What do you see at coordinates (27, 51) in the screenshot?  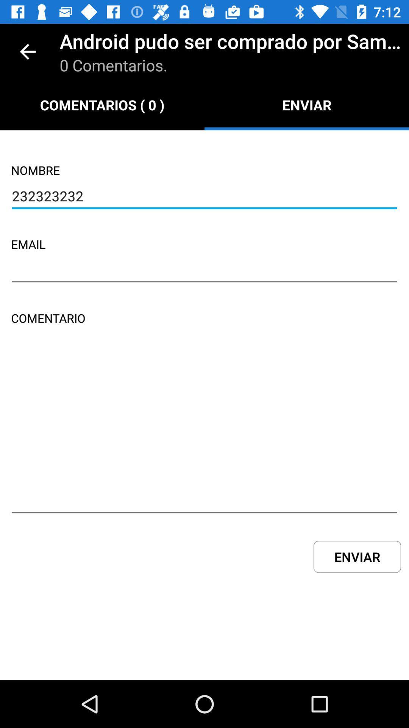 I see `icon to the left of the android pudo ser item` at bounding box center [27, 51].